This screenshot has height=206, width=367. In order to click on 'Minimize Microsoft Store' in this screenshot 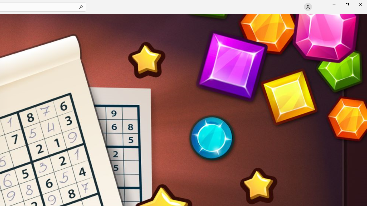, I will do `click(334, 4)`.